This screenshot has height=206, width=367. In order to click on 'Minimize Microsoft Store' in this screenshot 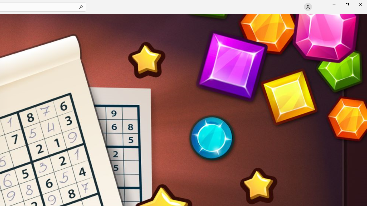, I will do `click(334, 4)`.